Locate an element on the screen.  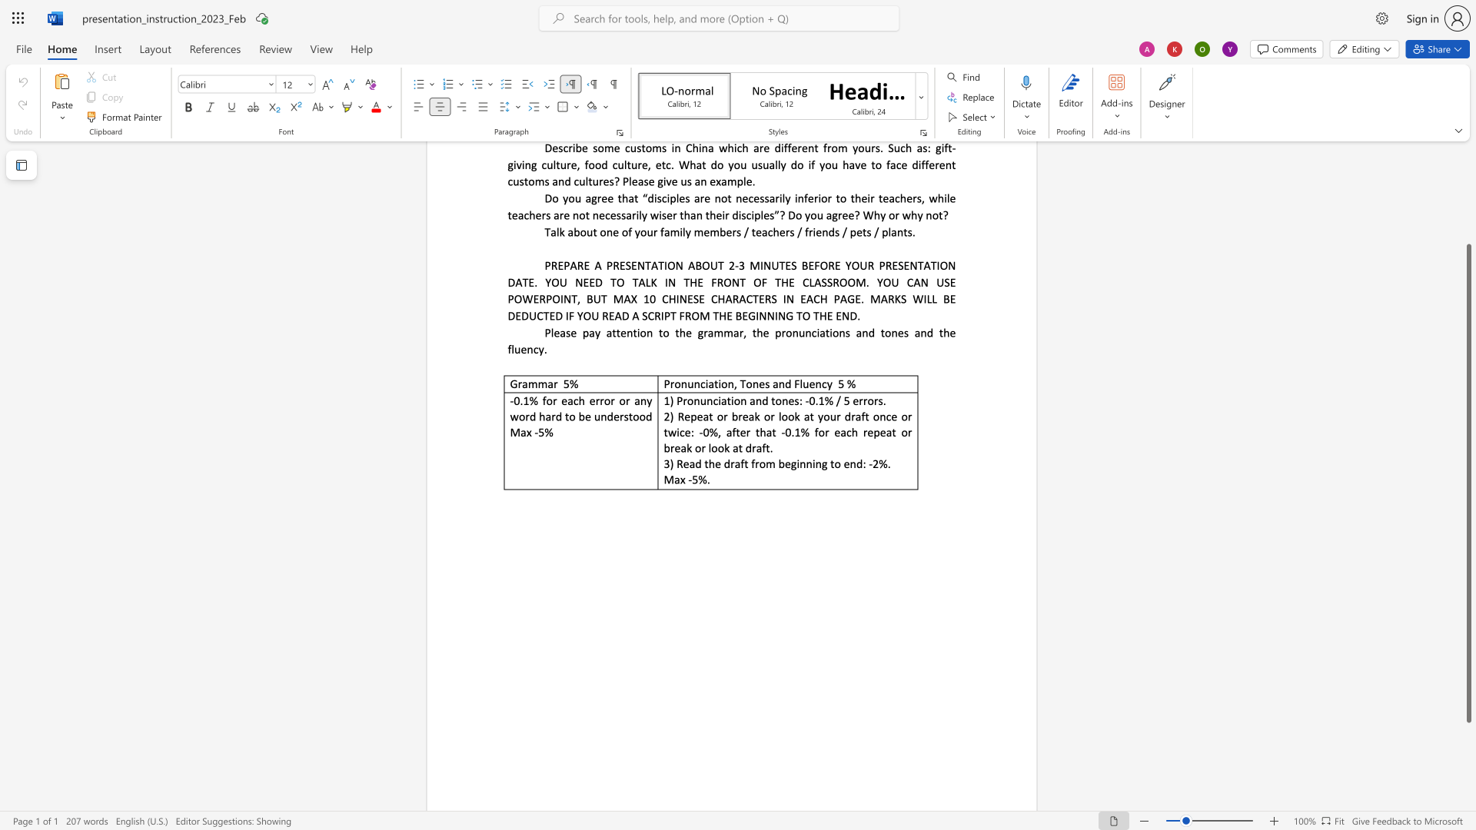
the page's right scrollbar for upward movement is located at coordinates (1468, 191).